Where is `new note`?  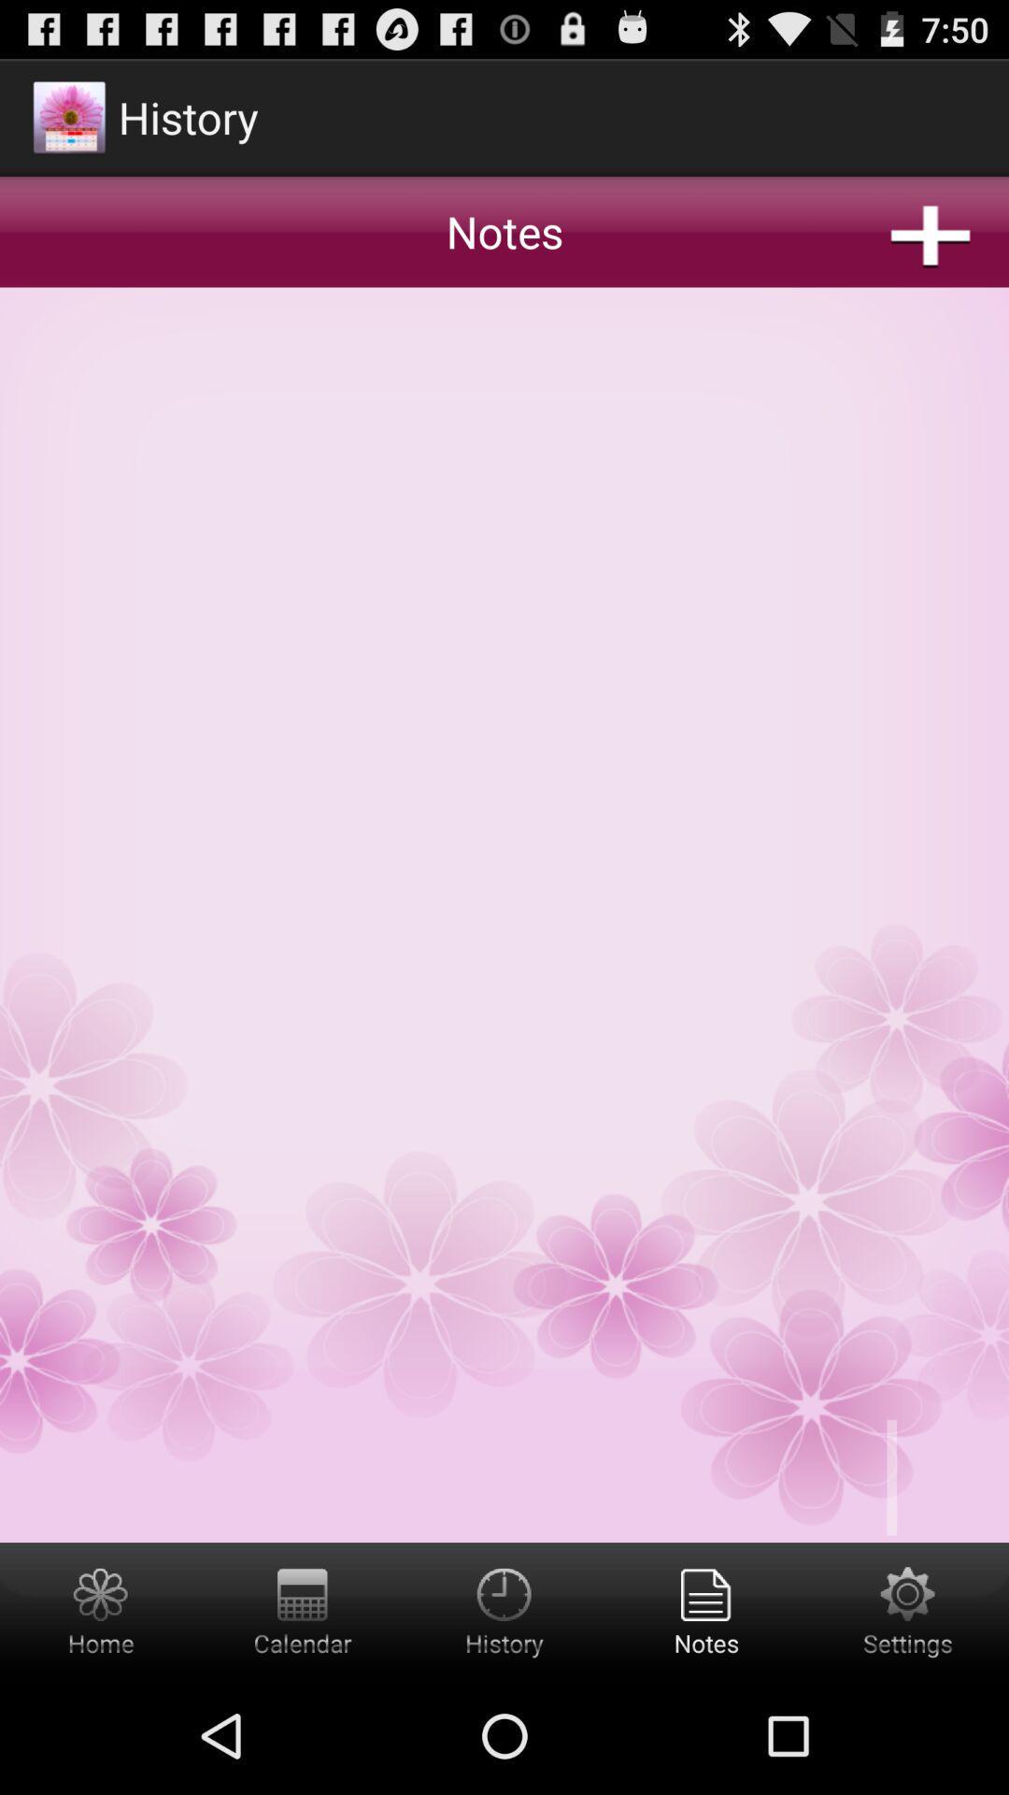
new note is located at coordinates (504, 797).